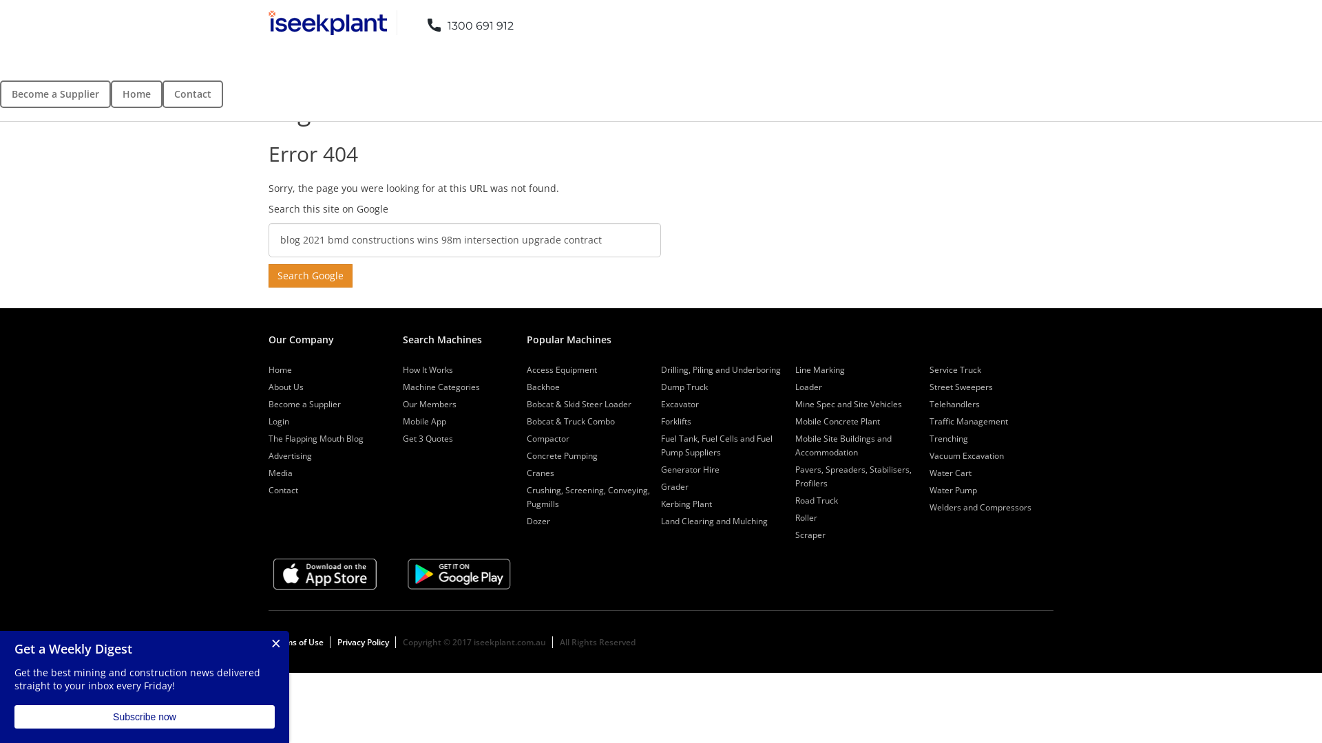 This screenshot has height=743, width=1322. What do you see at coordinates (680, 403) in the screenshot?
I see `'Excavator'` at bounding box center [680, 403].